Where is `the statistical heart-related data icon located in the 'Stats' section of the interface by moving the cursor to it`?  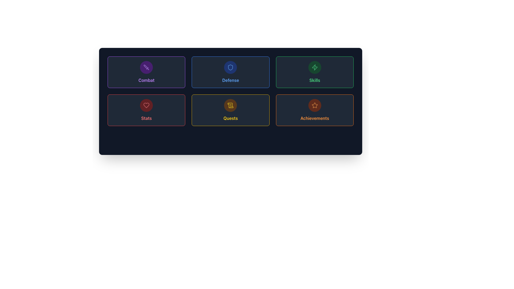
the statistical heart-related data icon located in the 'Stats' section of the interface by moving the cursor to it is located at coordinates (146, 105).